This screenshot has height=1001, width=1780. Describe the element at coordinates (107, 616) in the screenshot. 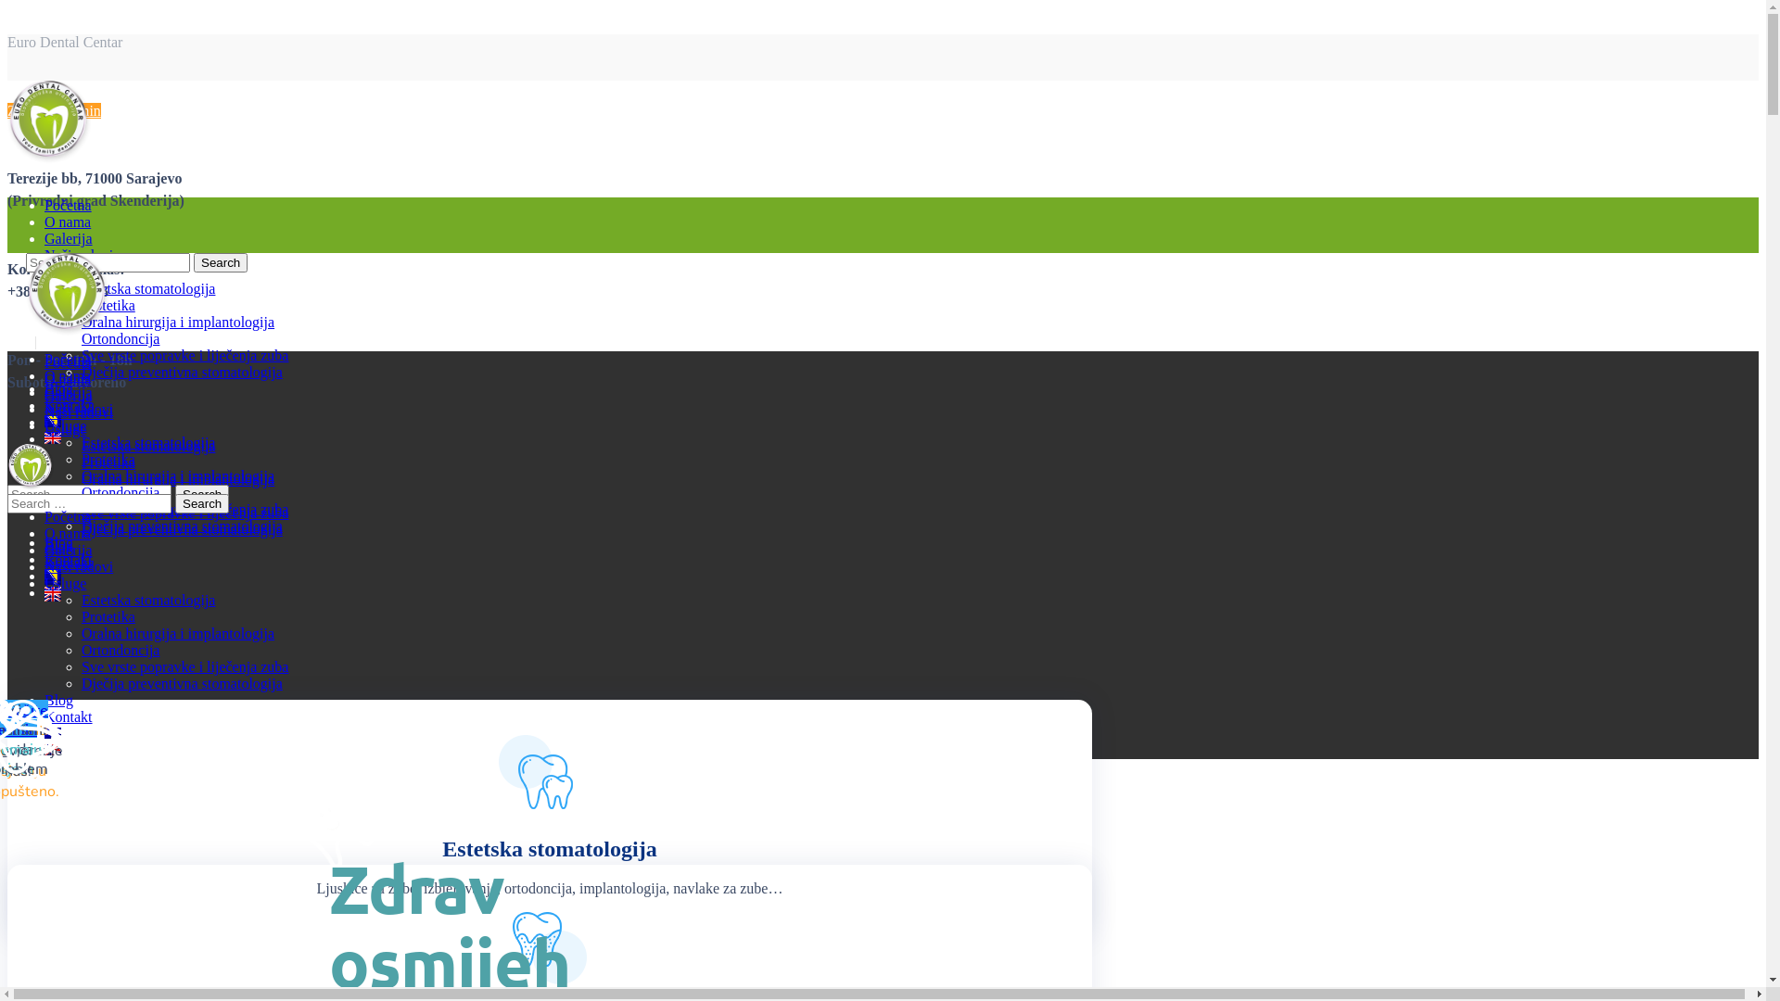

I see `'Protetika'` at that location.